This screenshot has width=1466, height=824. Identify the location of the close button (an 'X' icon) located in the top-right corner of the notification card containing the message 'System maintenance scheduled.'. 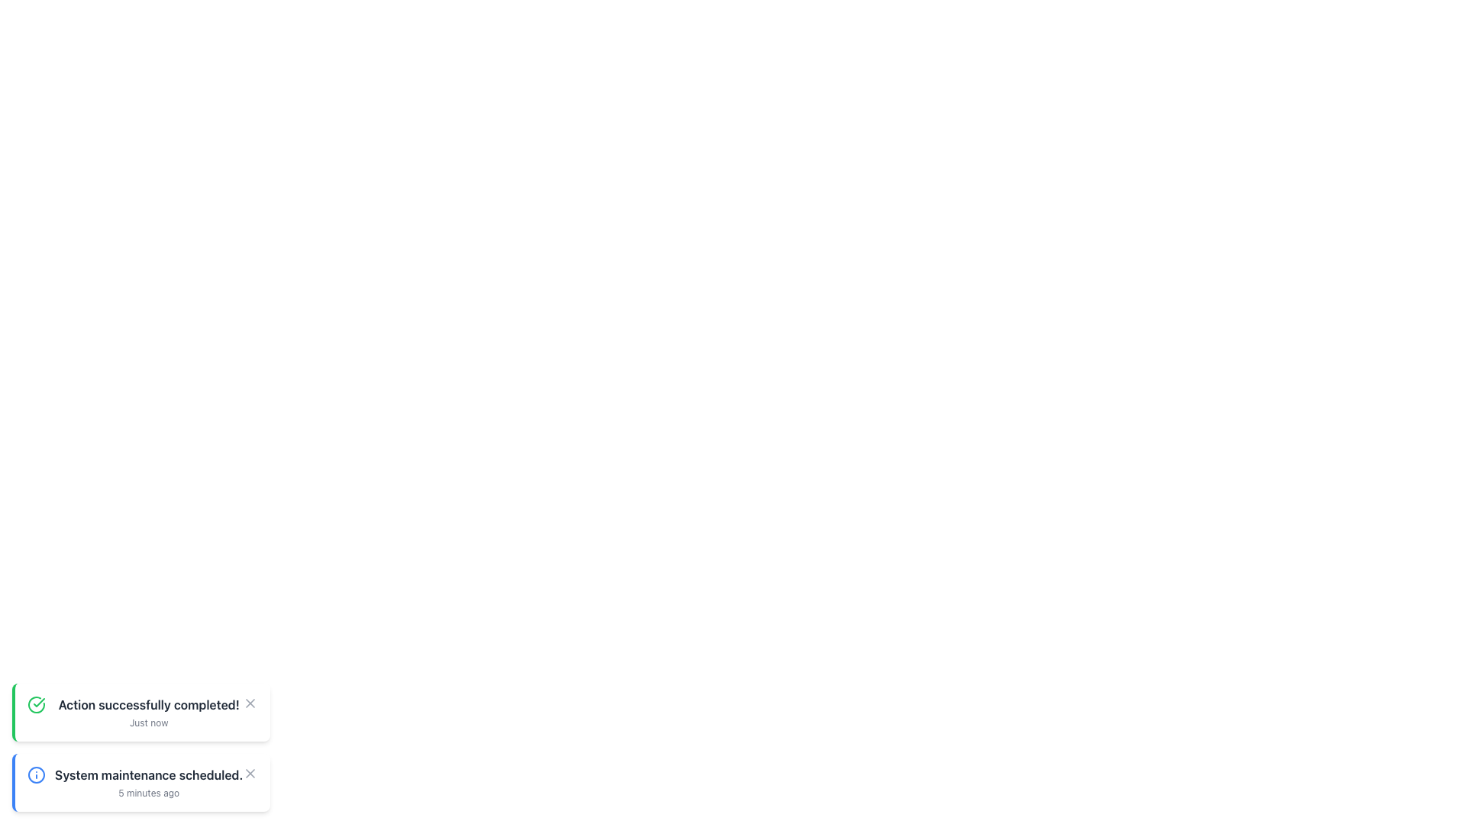
(250, 774).